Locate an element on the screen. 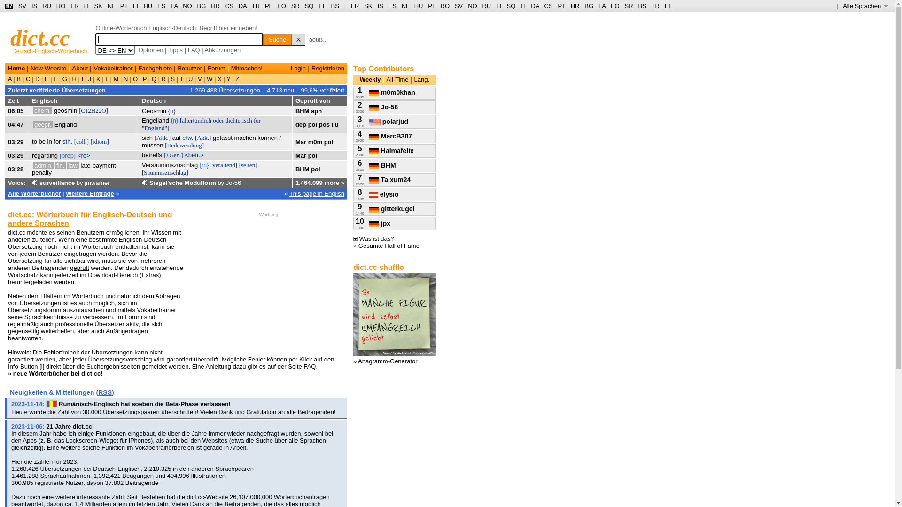 The height and width of the screenshot is (507, 902). 'L' is located at coordinates (107, 78).